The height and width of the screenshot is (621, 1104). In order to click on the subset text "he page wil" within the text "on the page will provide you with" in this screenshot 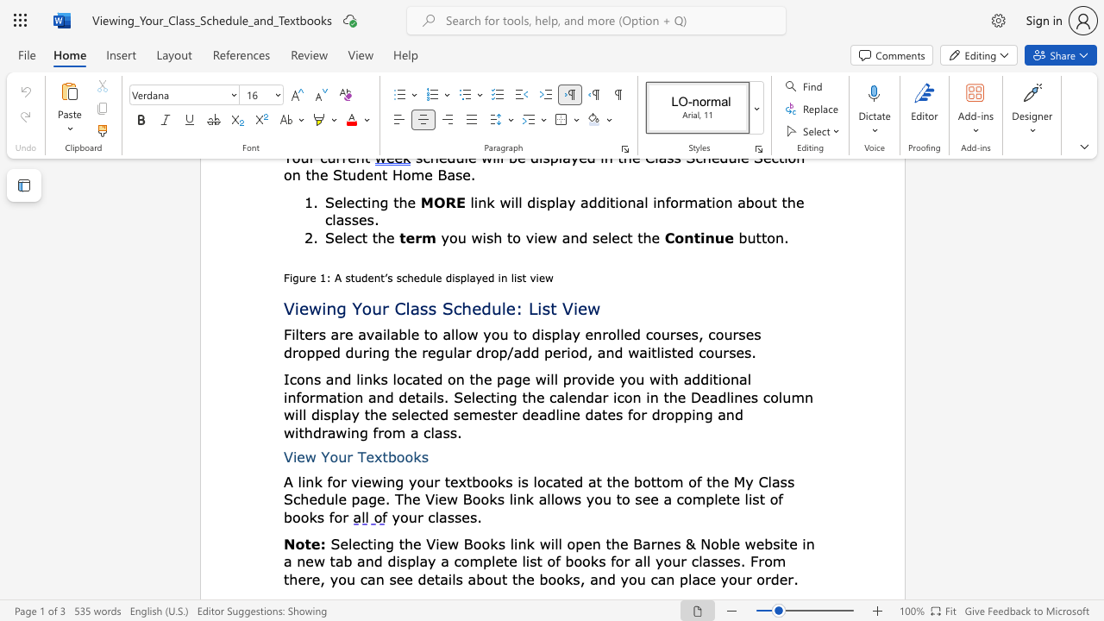, I will do `click(474, 378)`.